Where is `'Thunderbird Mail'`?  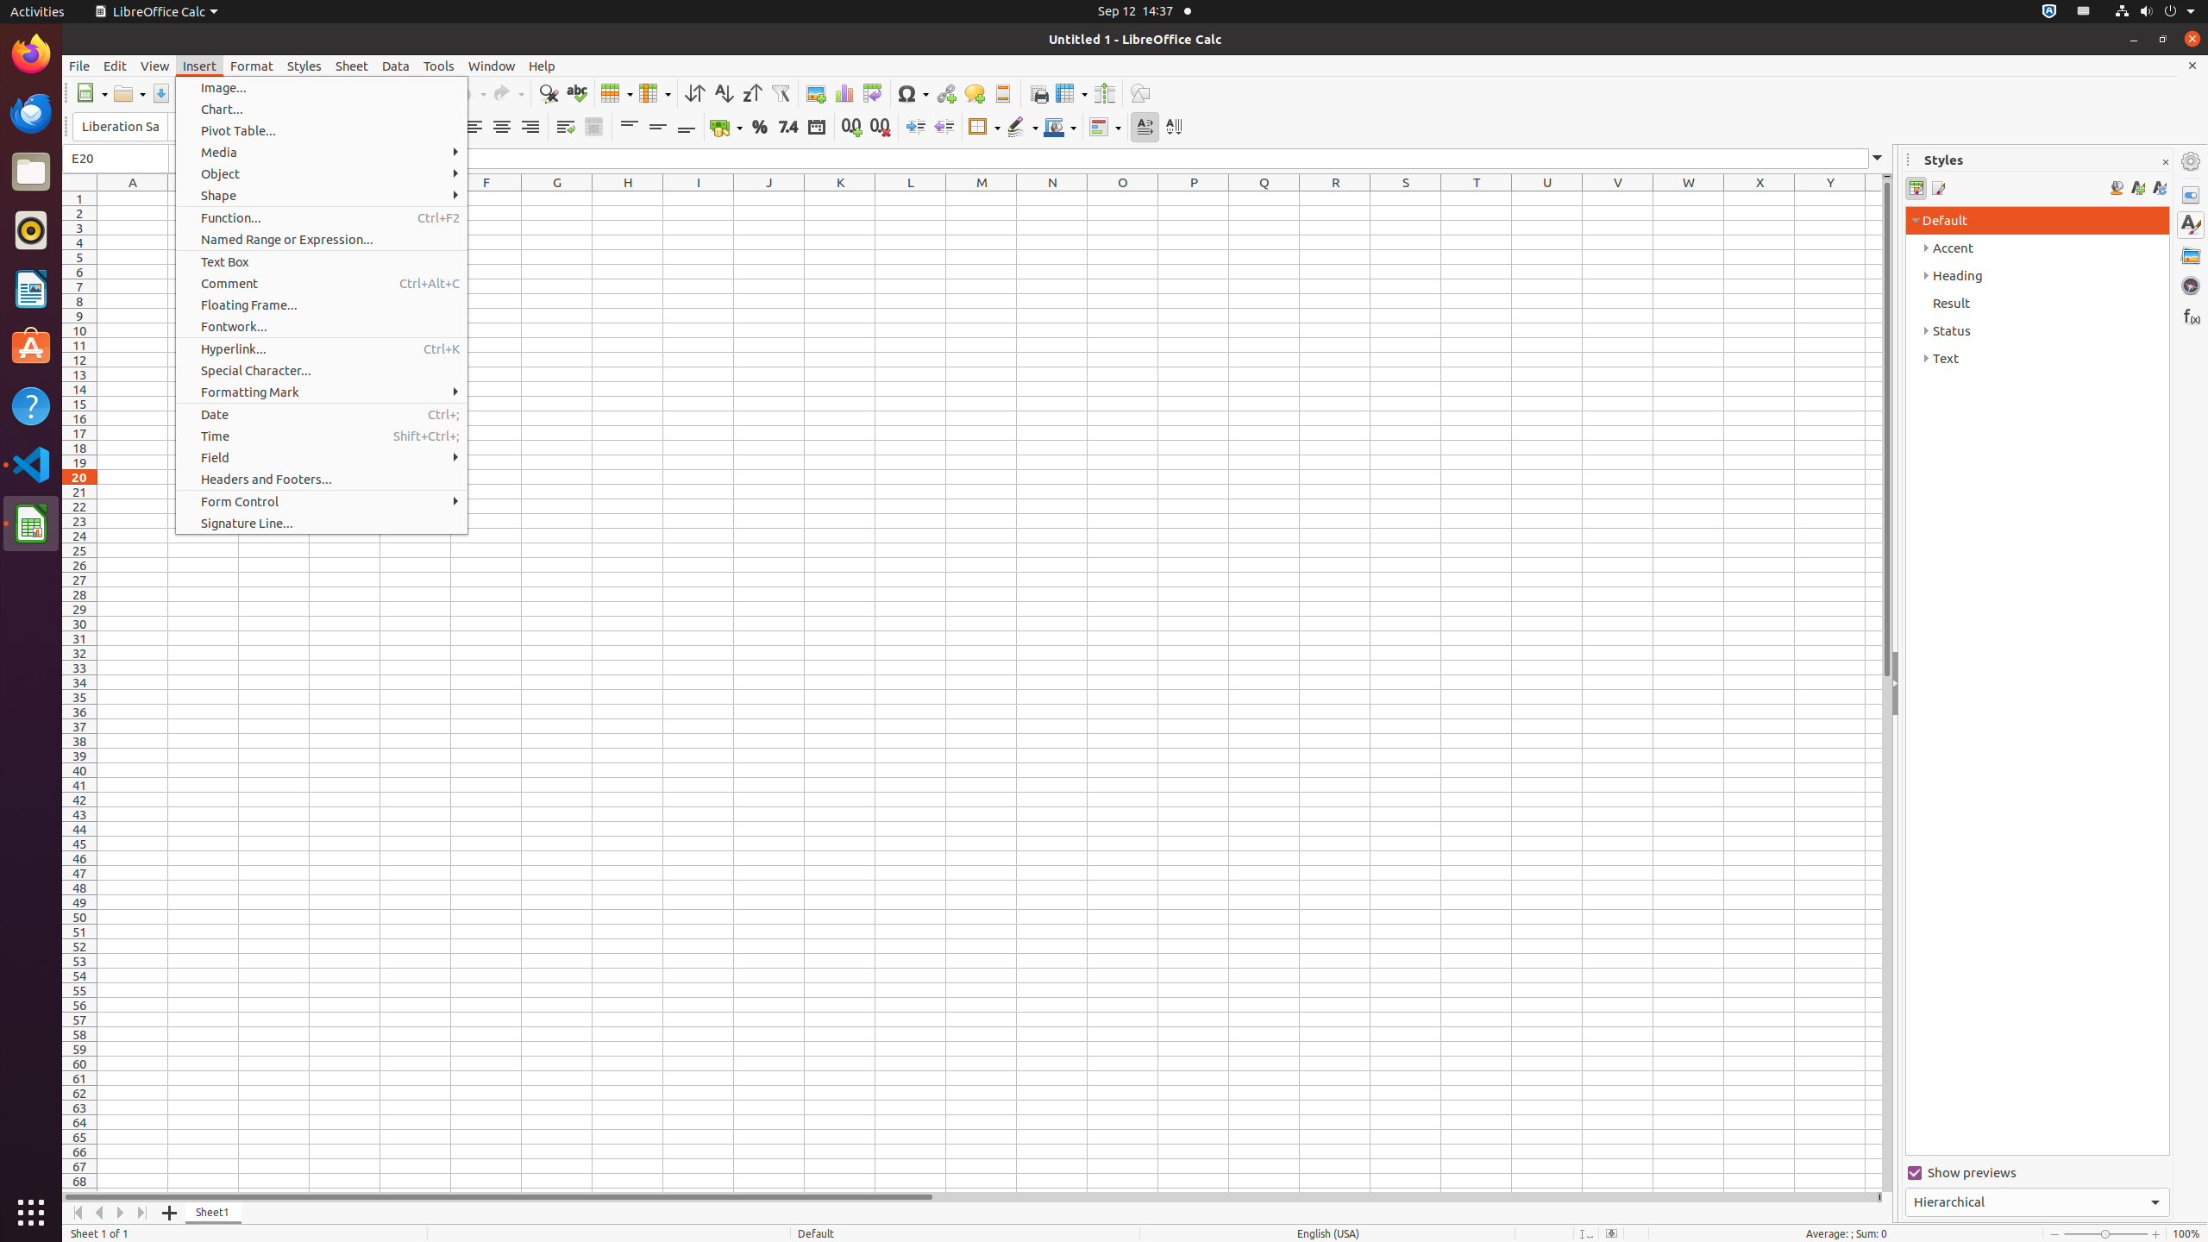 'Thunderbird Mail' is located at coordinates (31, 112).